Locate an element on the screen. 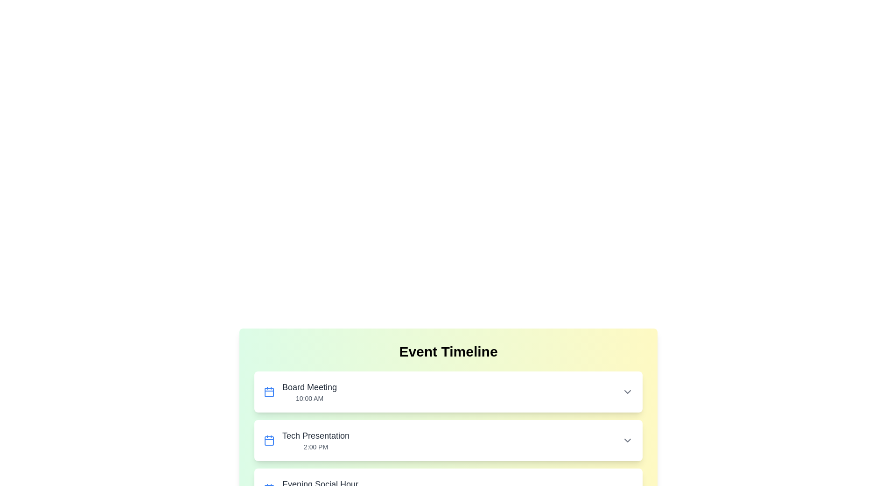 This screenshot has width=896, height=504. the 'Board Meeting' text element, which is displayed in a medium-sized dark gray font at the top of the 'Event Timeline' section is located at coordinates (309, 387).